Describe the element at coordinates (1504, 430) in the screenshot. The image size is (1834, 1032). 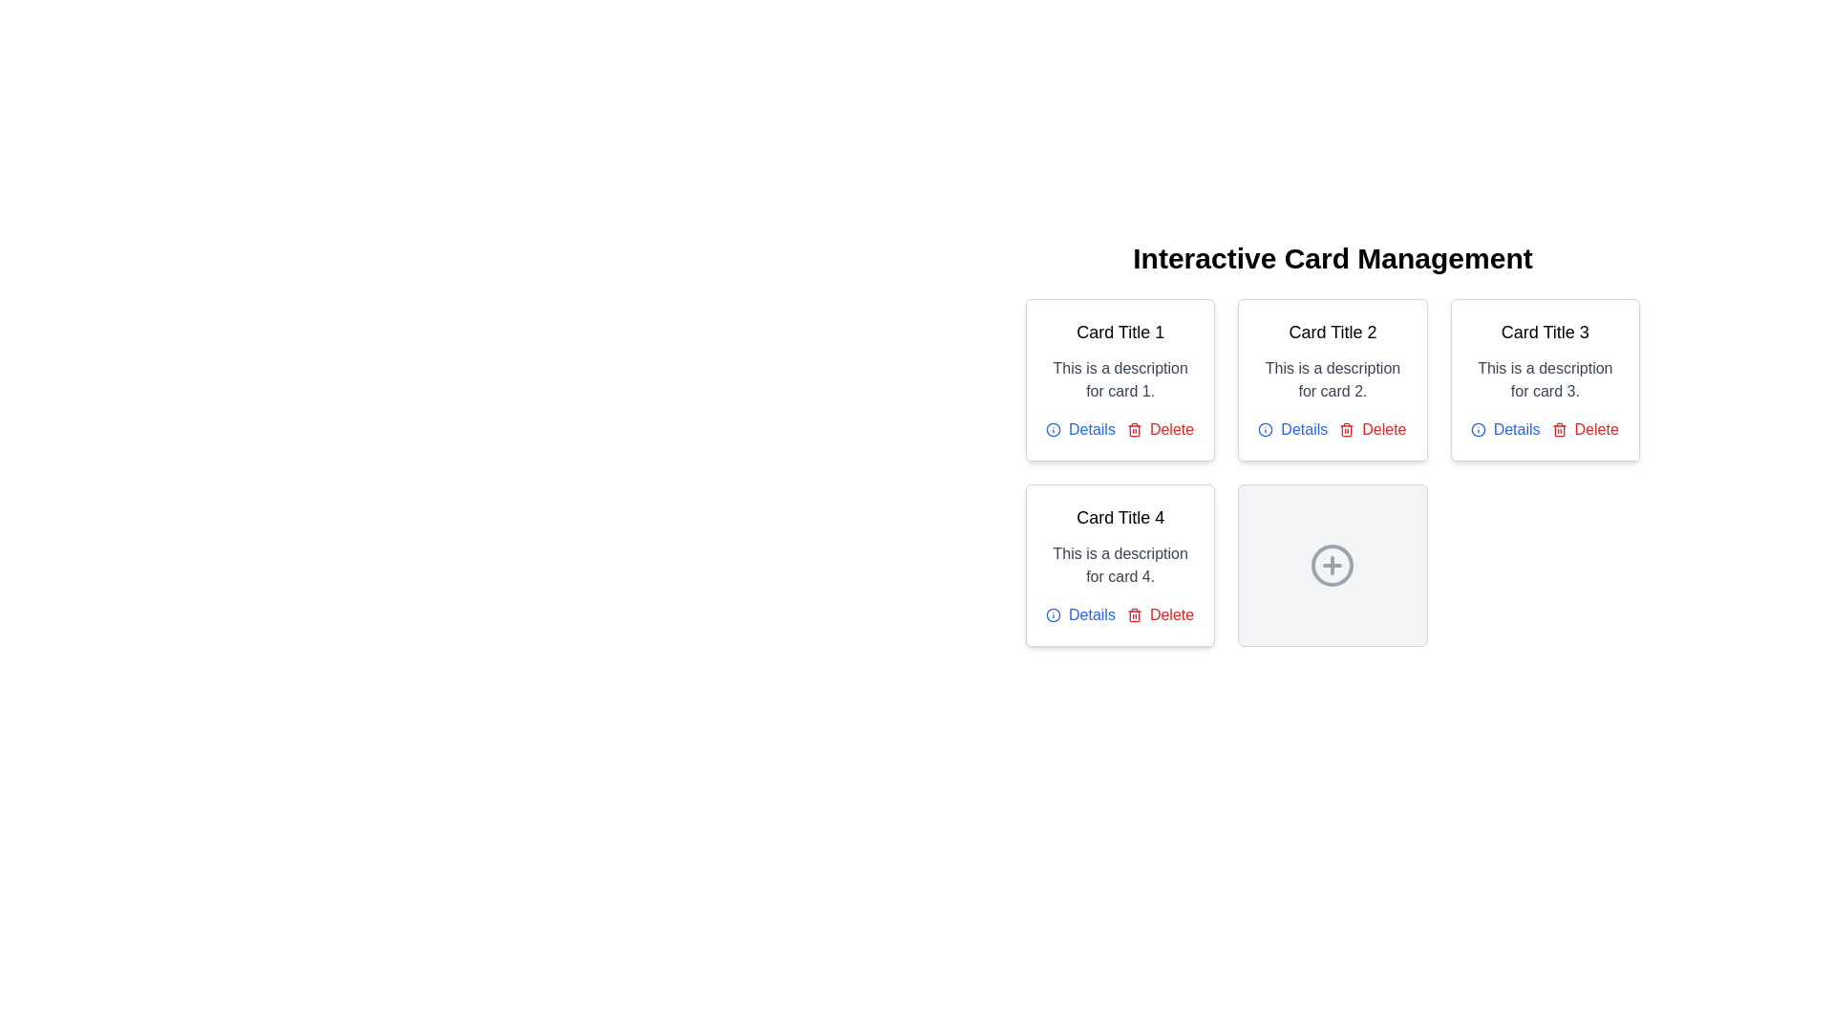
I see `the 'Details' interactive link` at that location.